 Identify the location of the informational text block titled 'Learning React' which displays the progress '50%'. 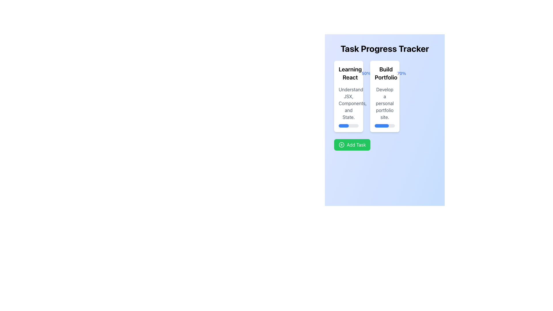
(348, 73).